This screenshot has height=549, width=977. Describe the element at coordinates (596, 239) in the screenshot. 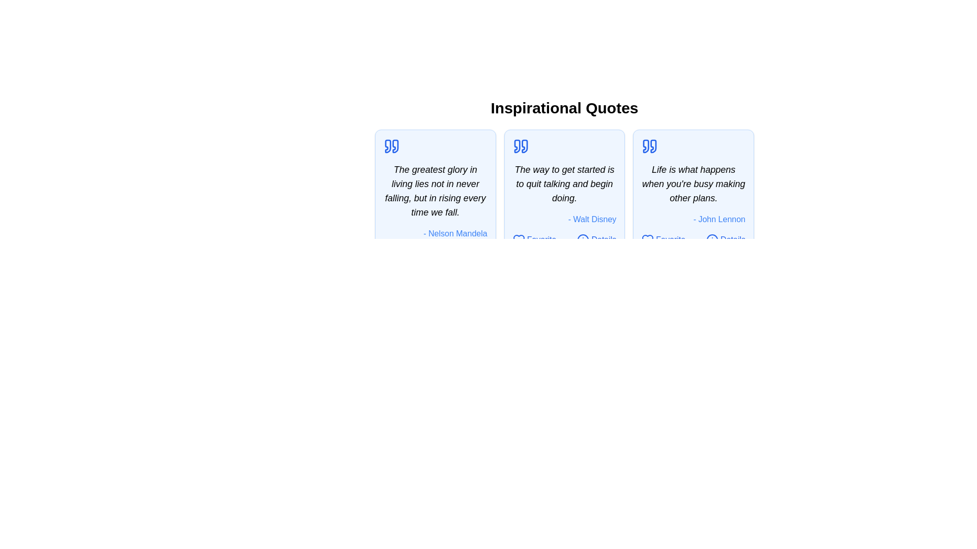

I see `the button located at the bottom-right of the middle quote card` at that location.